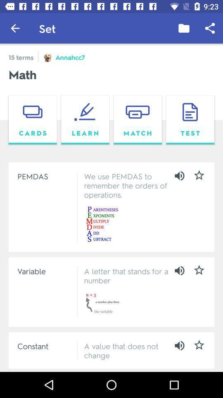  What do you see at coordinates (184, 28) in the screenshot?
I see `the item next to the set icon` at bounding box center [184, 28].